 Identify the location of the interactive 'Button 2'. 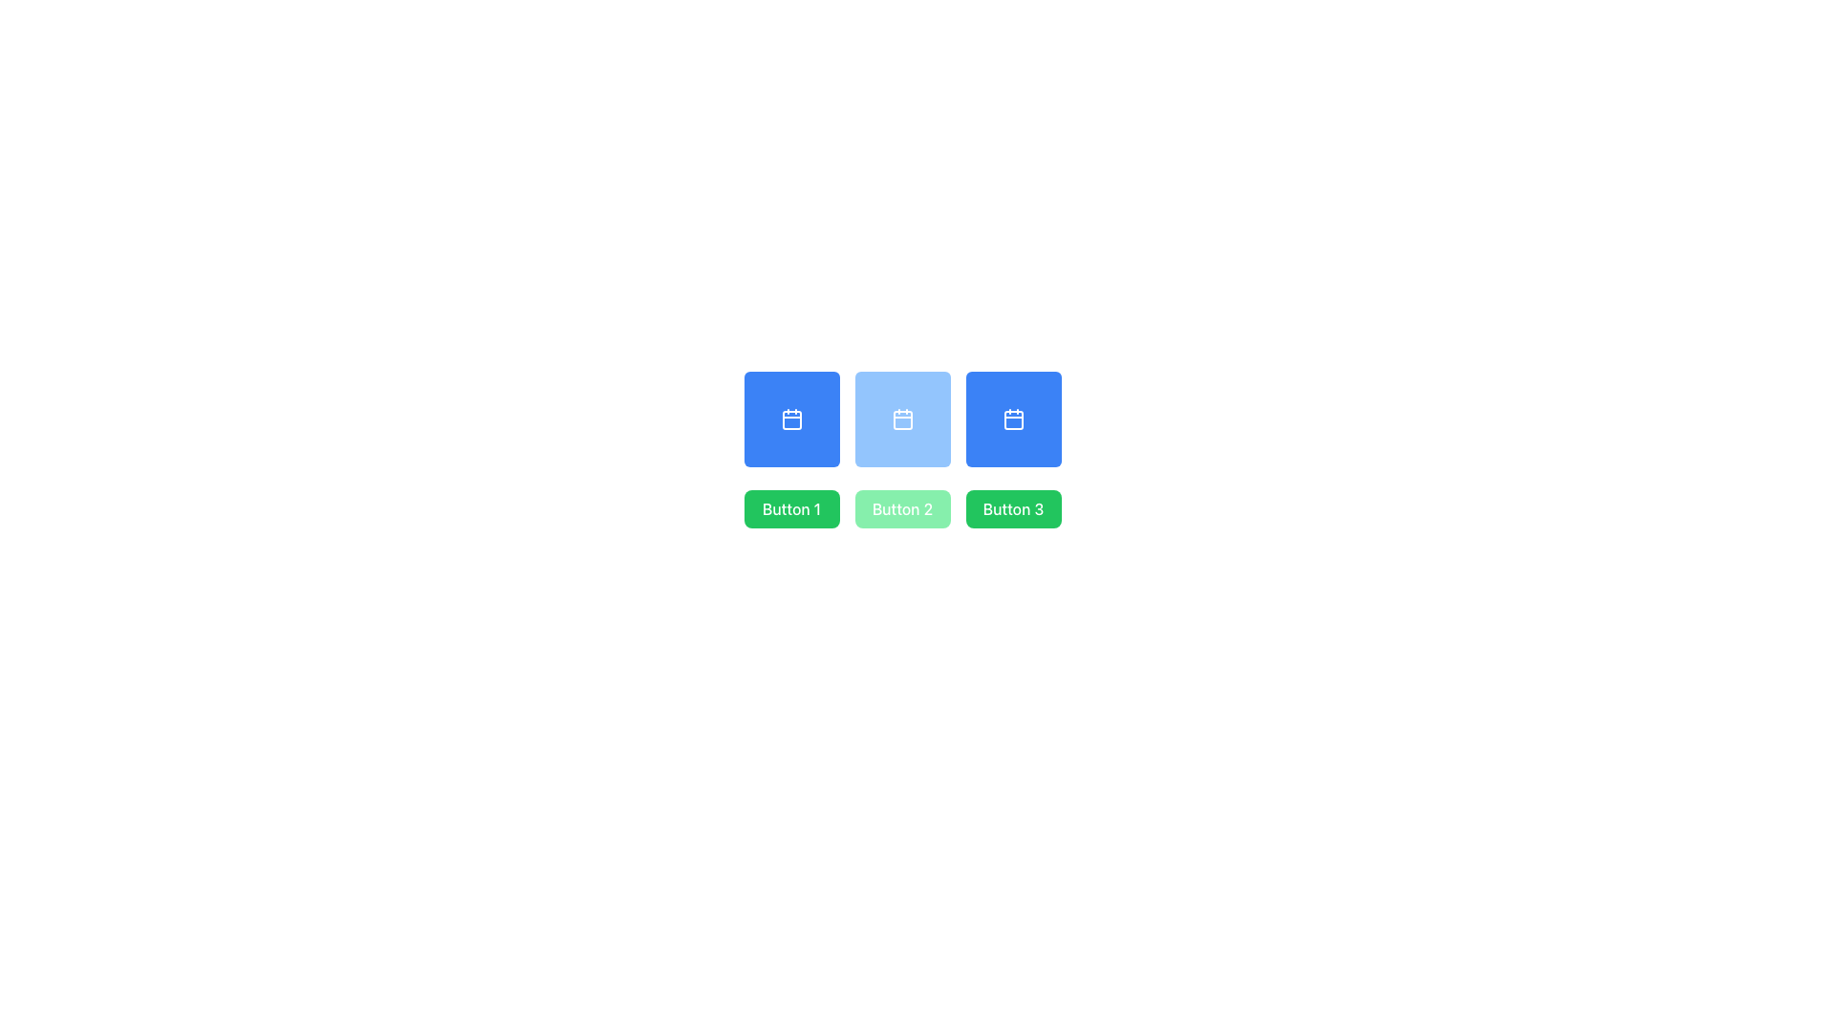
(901, 507).